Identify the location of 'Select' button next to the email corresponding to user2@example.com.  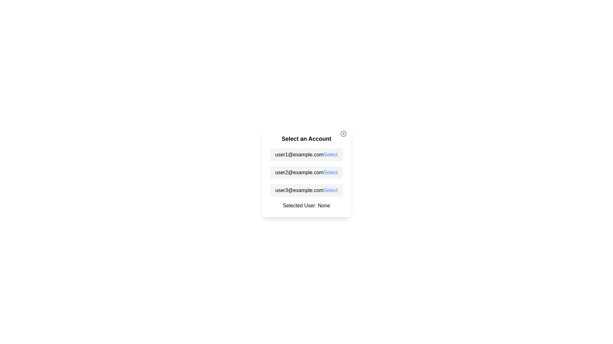
(330, 173).